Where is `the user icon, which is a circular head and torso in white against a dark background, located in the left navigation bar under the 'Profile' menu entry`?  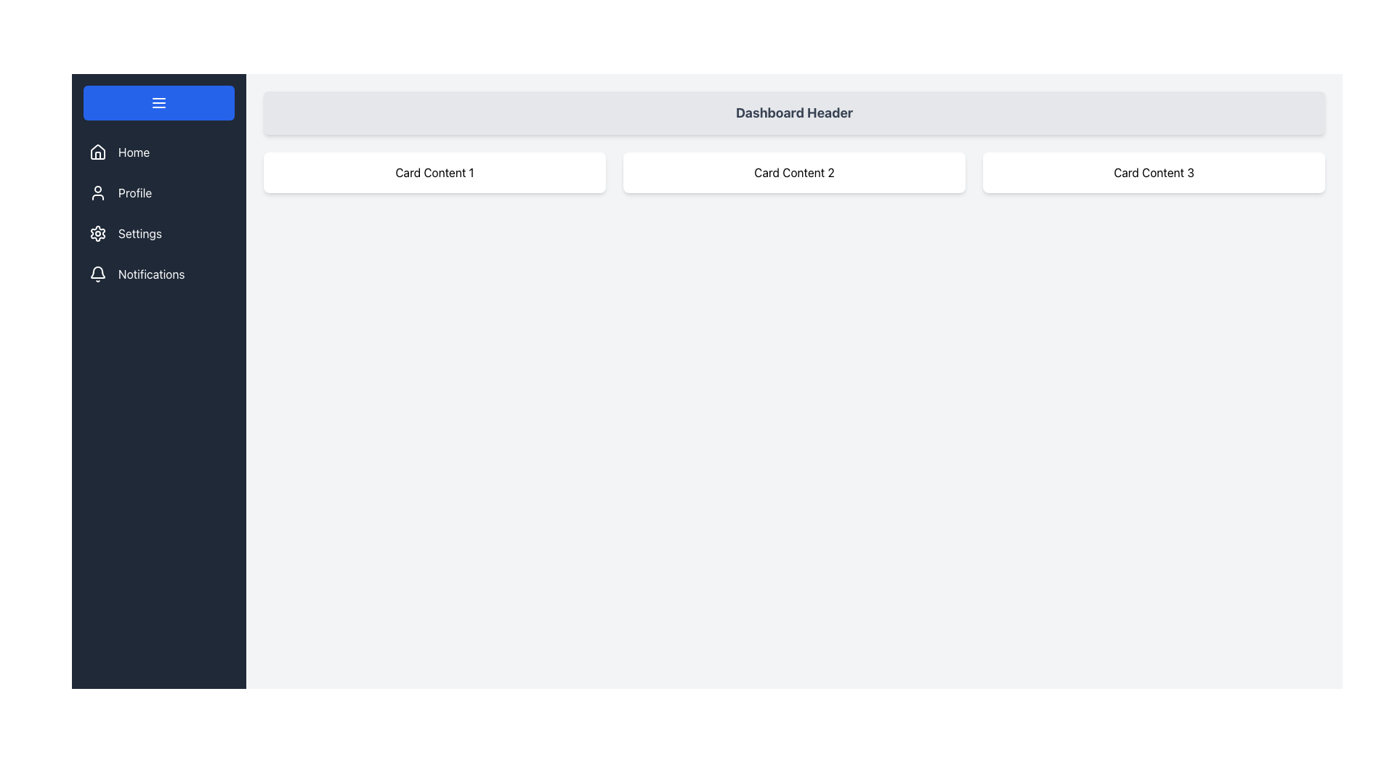
the user icon, which is a circular head and torso in white against a dark background, located in the left navigation bar under the 'Profile' menu entry is located at coordinates (97, 192).